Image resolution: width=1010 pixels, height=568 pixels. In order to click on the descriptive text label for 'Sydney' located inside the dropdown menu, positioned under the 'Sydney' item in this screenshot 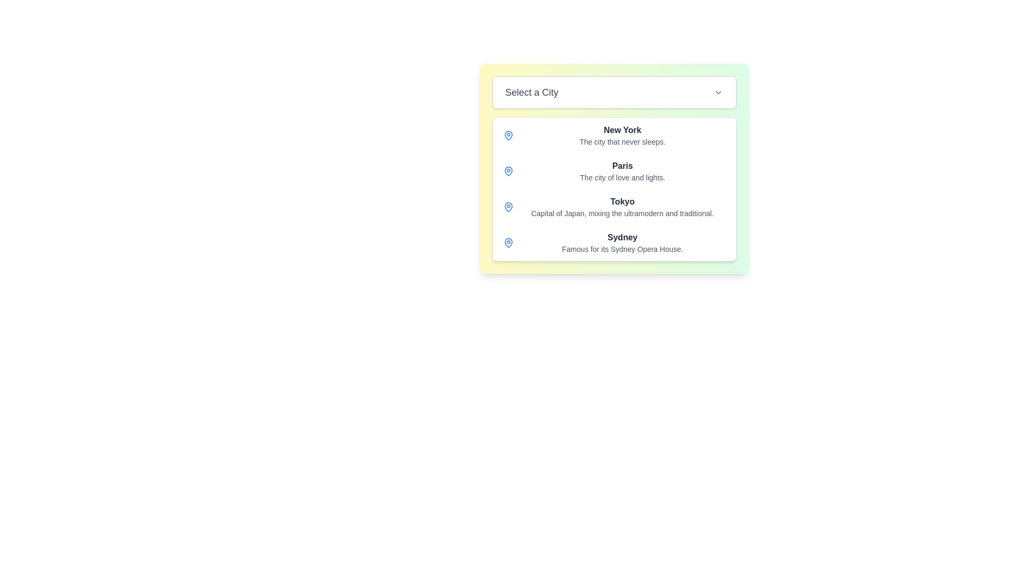, I will do `click(622, 249)`.